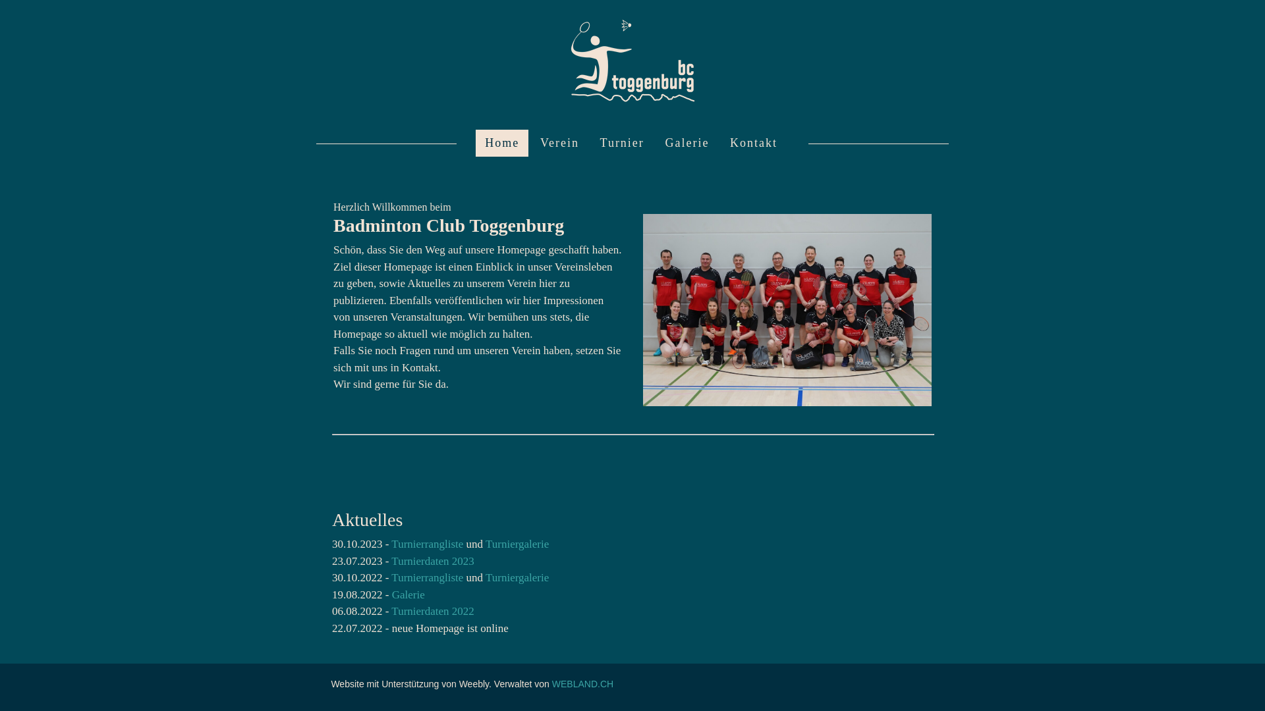 The height and width of the screenshot is (711, 1265). What do you see at coordinates (391, 577) in the screenshot?
I see `'Turnierrangliste'` at bounding box center [391, 577].